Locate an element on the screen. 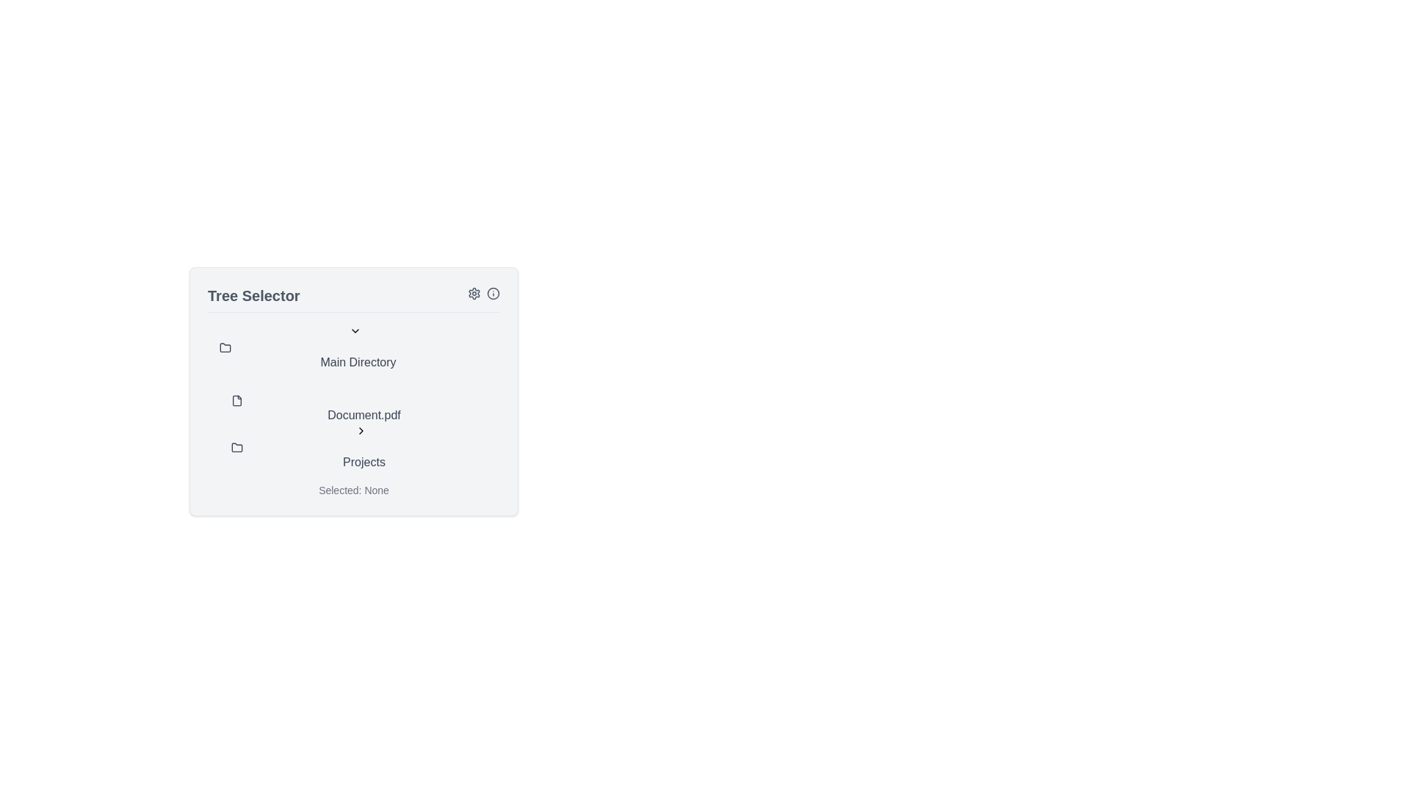 The width and height of the screenshot is (1410, 793). the folder icon located to the left of the text 'Projects' in the tree selector panel is located at coordinates (236, 446).